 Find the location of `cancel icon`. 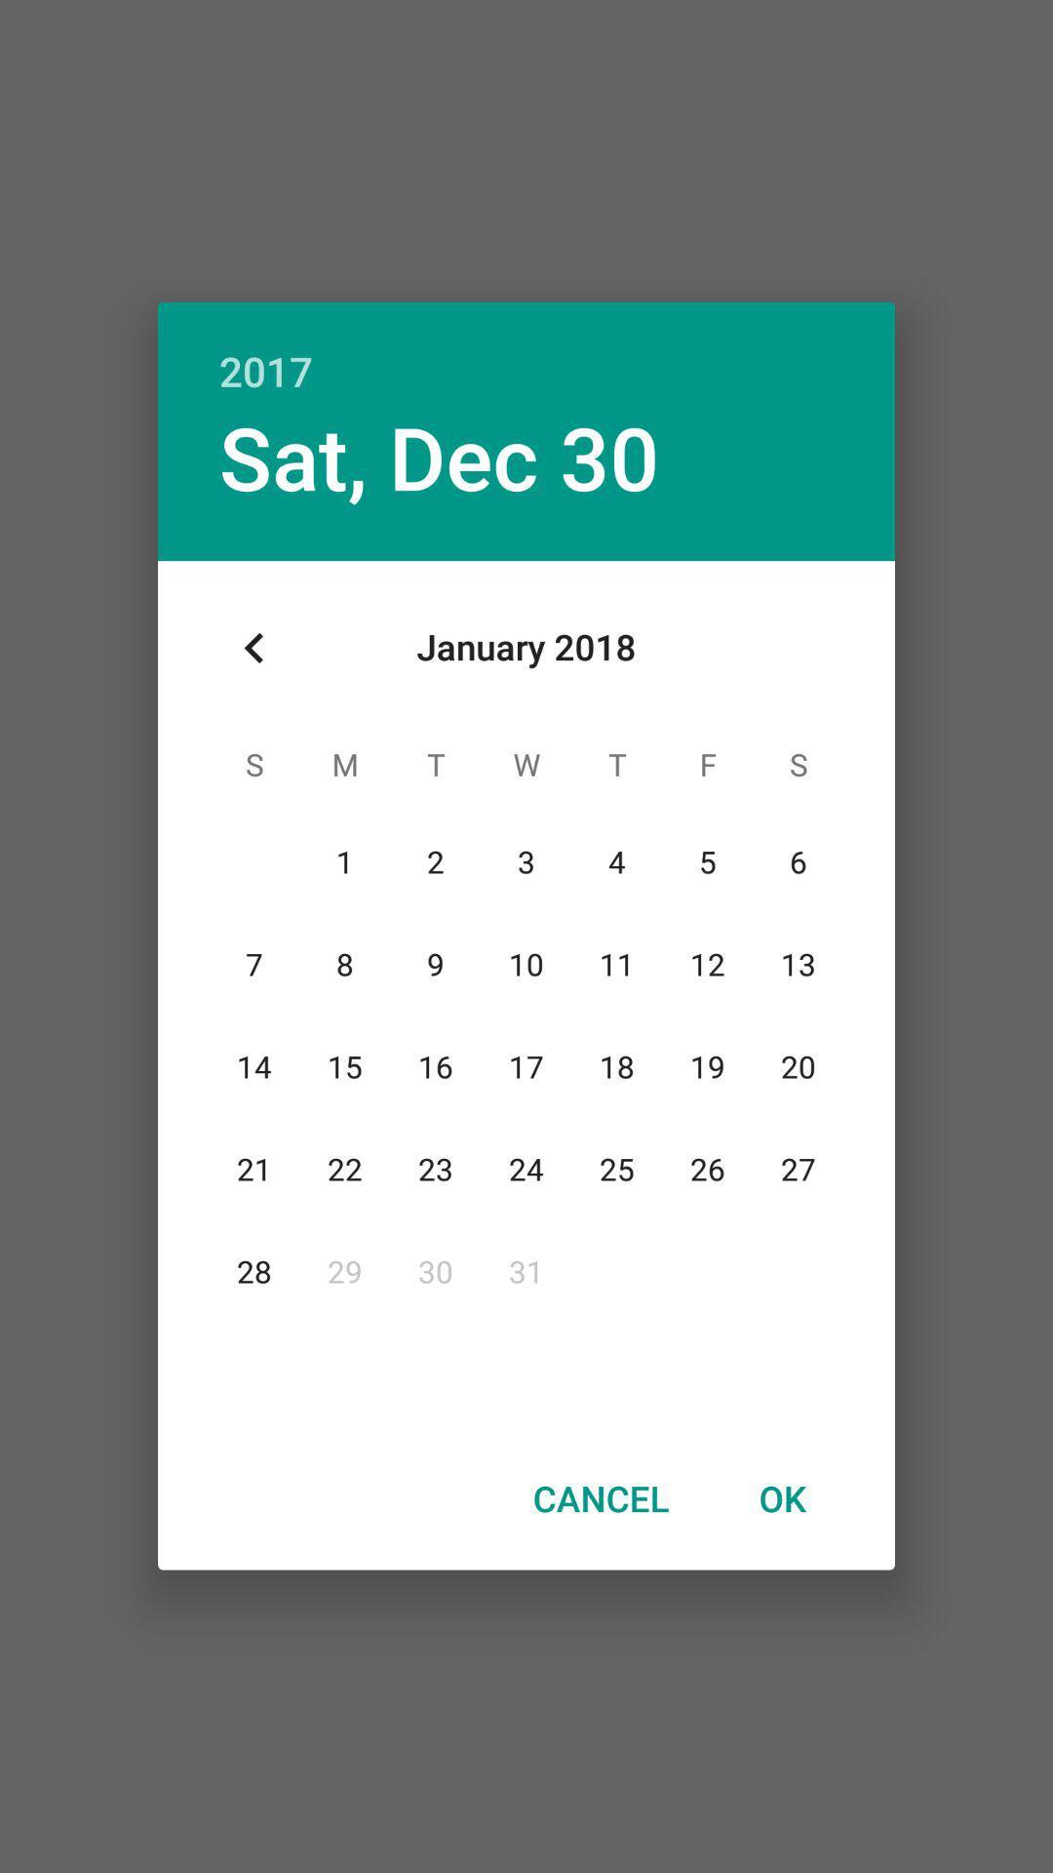

cancel icon is located at coordinates (600, 1497).